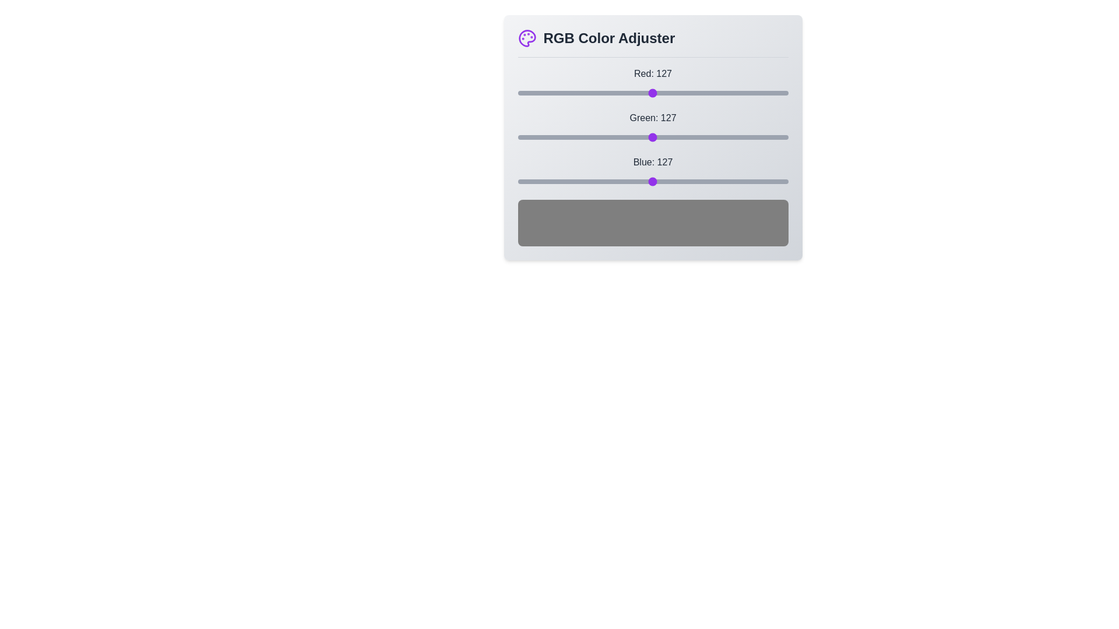  Describe the element at coordinates (533, 92) in the screenshot. I see `the red slider to set the red component to 15` at that location.